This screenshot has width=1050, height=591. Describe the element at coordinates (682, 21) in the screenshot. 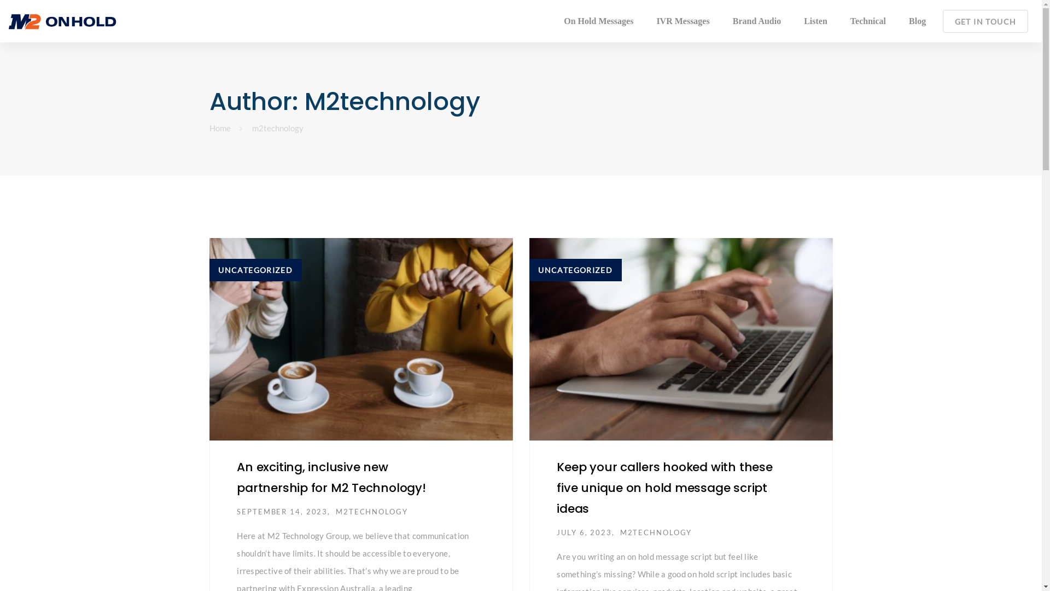

I see `'IVR Messages'` at that location.